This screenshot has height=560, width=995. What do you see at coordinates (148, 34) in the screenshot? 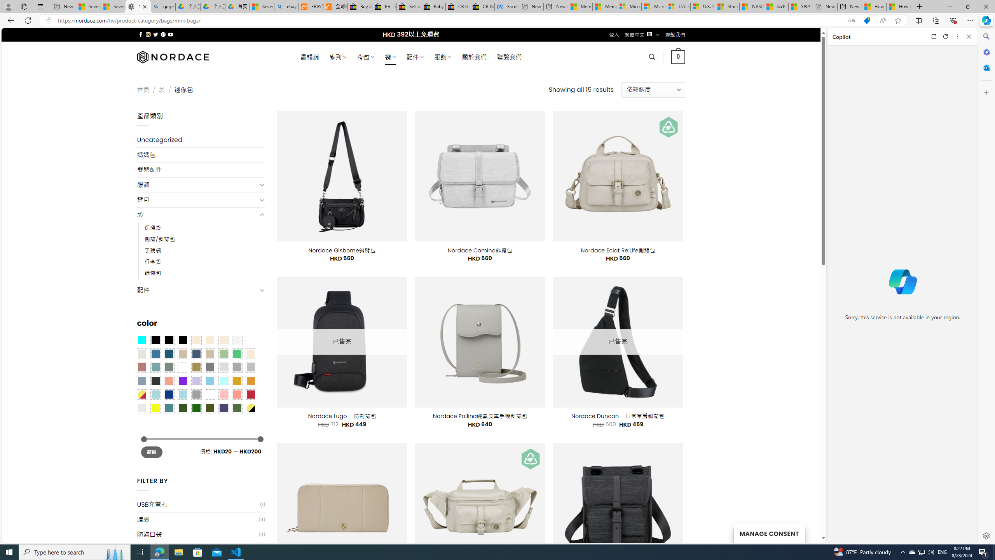
I see `'Follow on Instagram'` at bounding box center [148, 34].